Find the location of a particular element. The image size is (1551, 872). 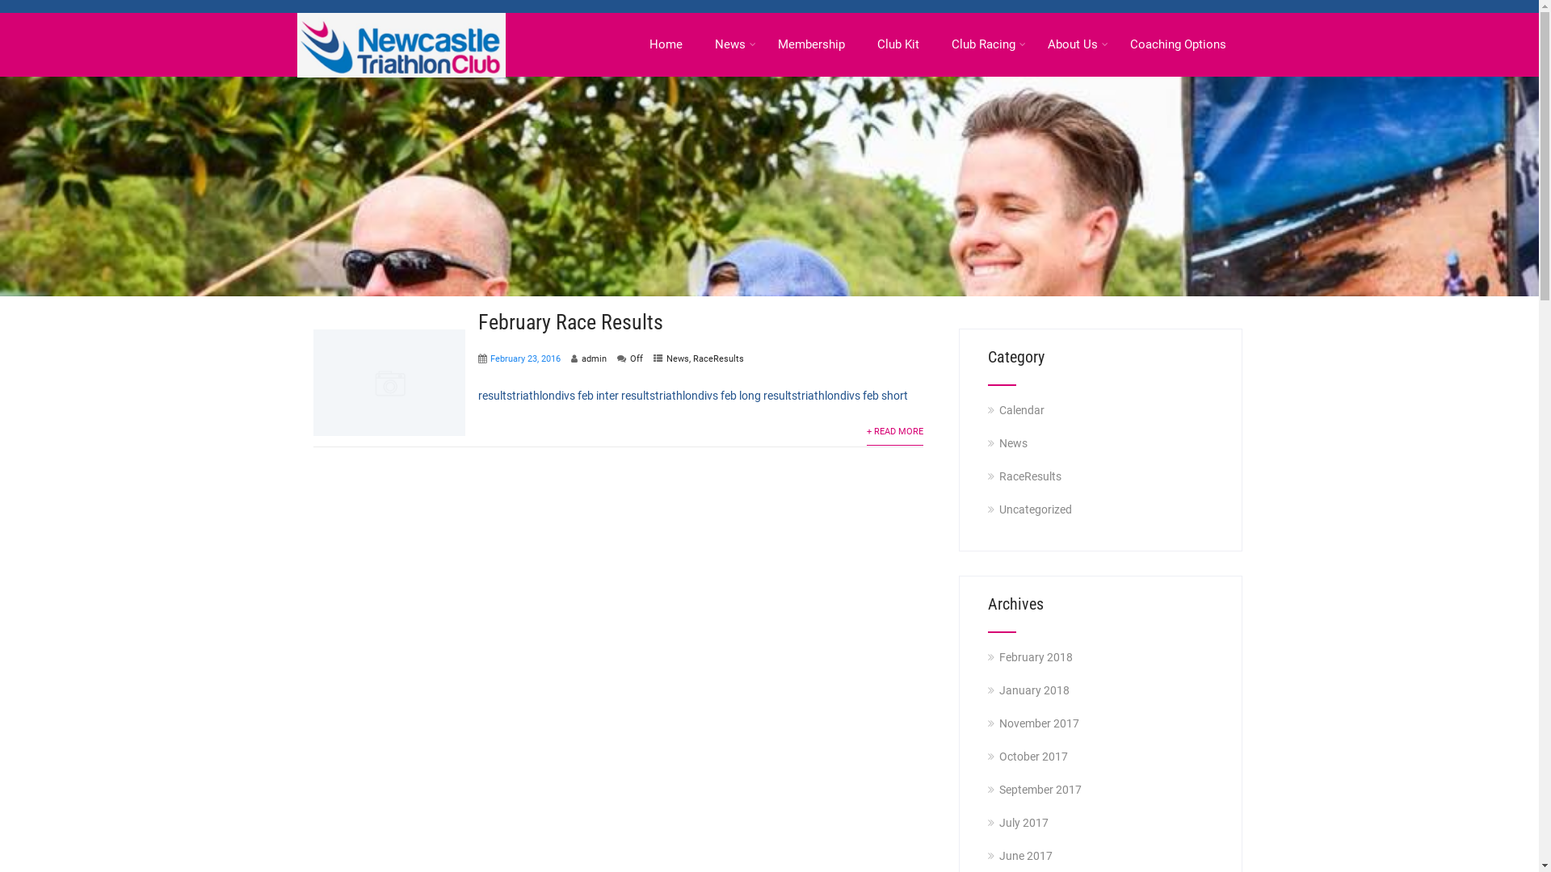

'RaceResults' is located at coordinates (717, 358).